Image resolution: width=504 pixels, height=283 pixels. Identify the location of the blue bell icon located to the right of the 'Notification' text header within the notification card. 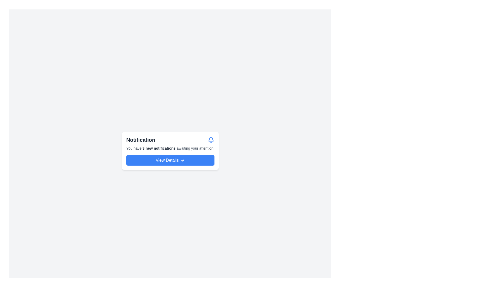
(211, 139).